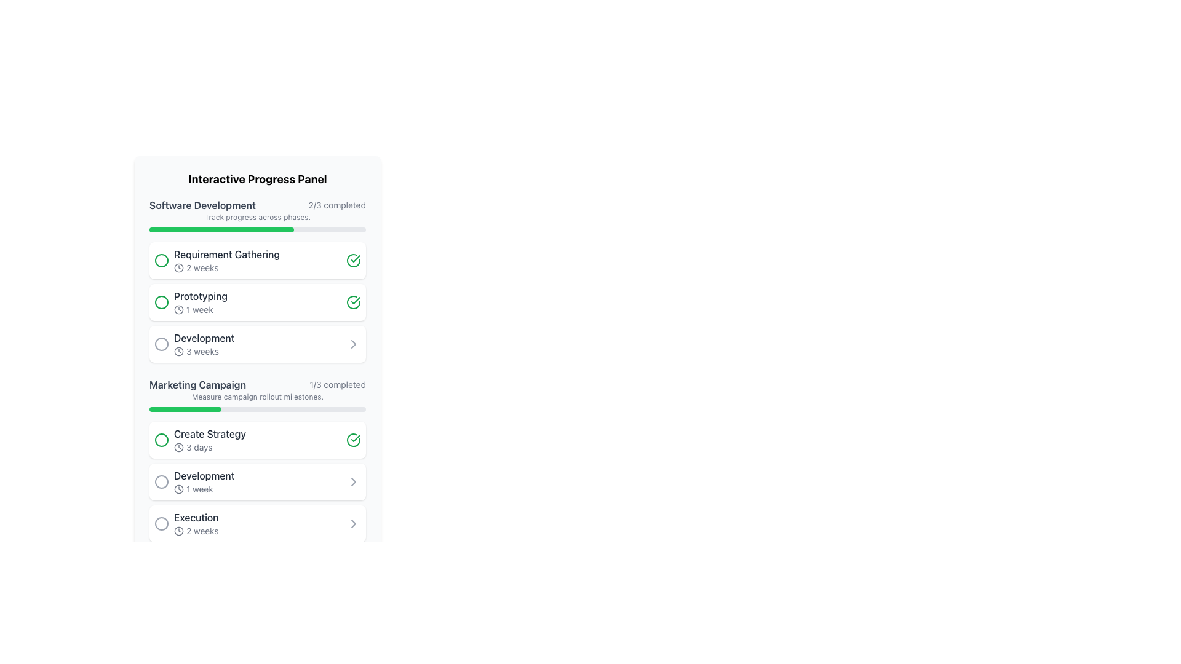  Describe the element at coordinates (210, 433) in the screenshot. I see `the Static Text Label that designates the title of a task within the Marketing Campaign category, located above the subtitle displaying '3 days'` at that location.